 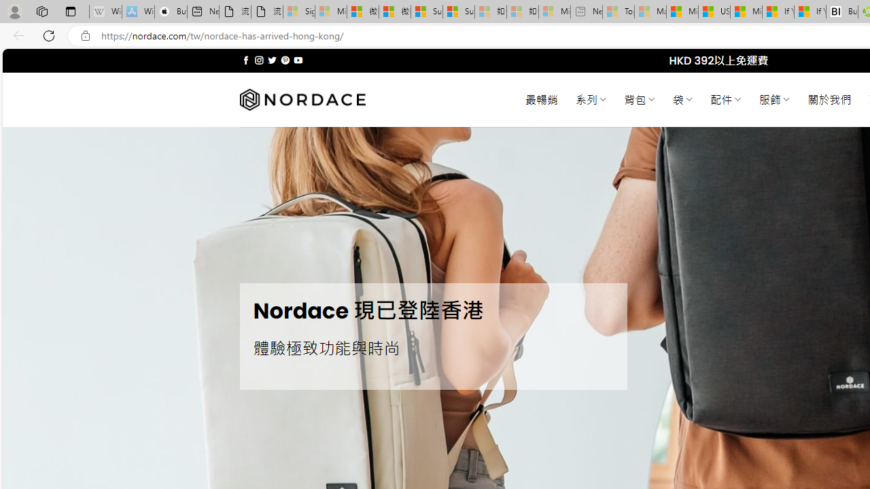 What do you see at coordinates (170, 12) in the screenshot?
I see `'Buy iPad - Apple'` at bounding box center [170, 12].